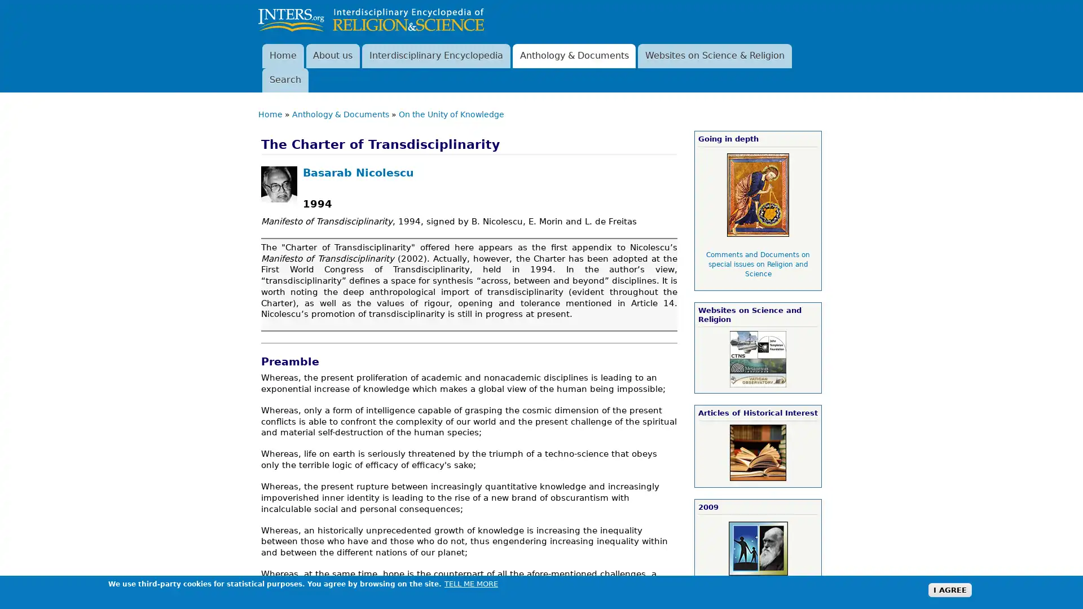 Image resolution: width=1083 pixels, height=609 pixels. I want to click on I AGREE, so click(949, 589).